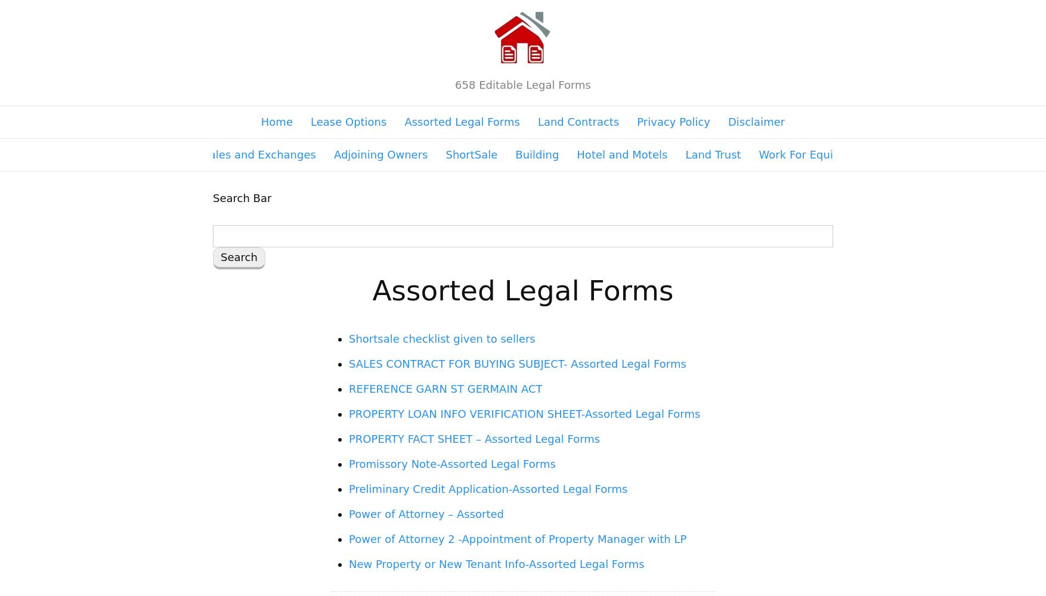  I want to click on 'Hotel and Motels', so click(621, 154).